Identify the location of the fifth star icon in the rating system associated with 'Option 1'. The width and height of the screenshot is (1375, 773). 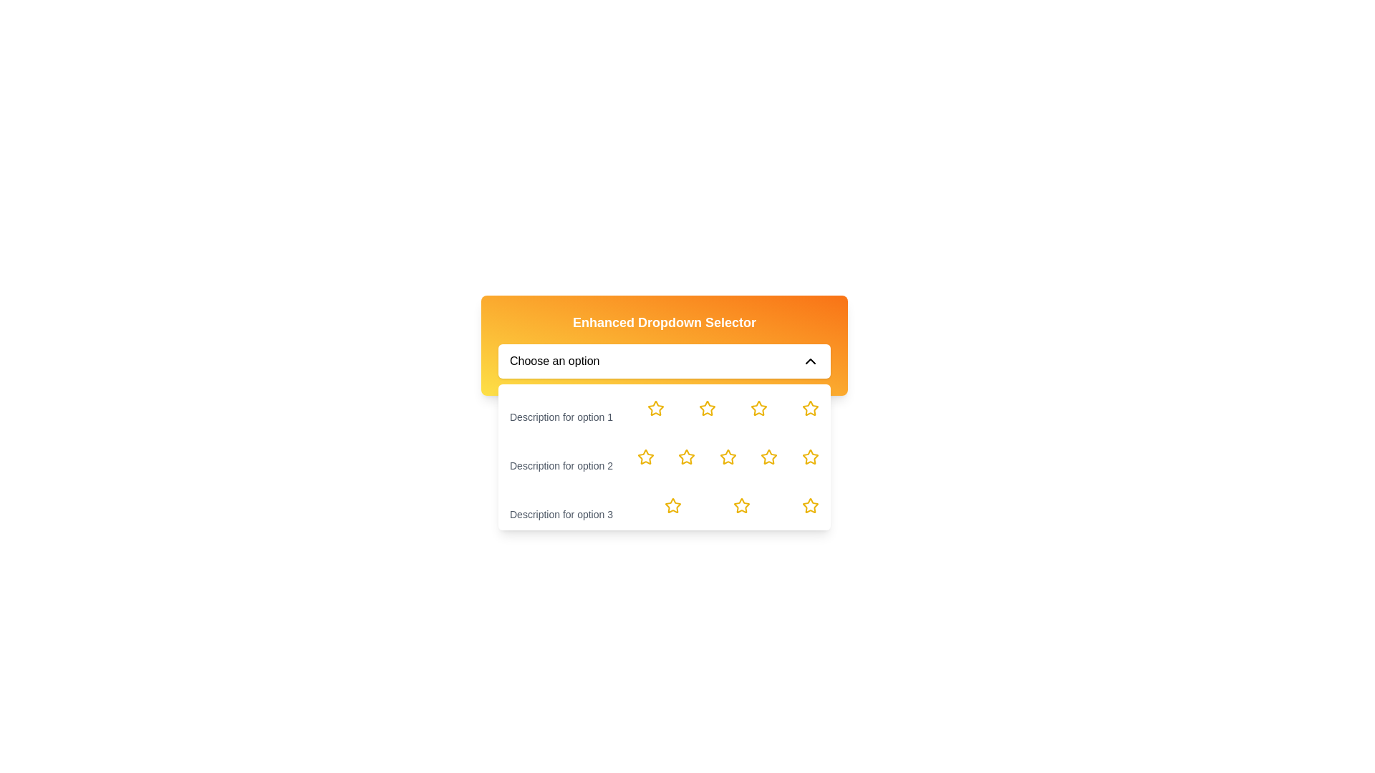
(758, 408).